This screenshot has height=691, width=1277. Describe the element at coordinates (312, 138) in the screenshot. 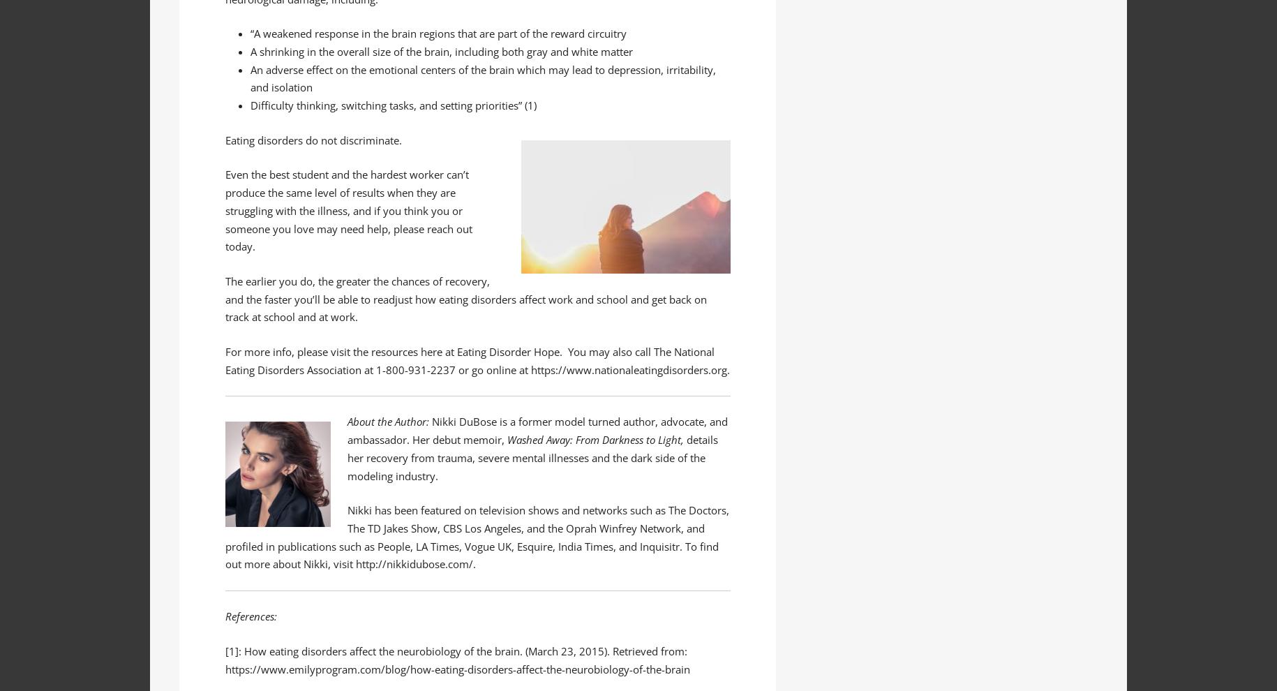

I see `'Eating disorders do not discriminate.'` at that location.